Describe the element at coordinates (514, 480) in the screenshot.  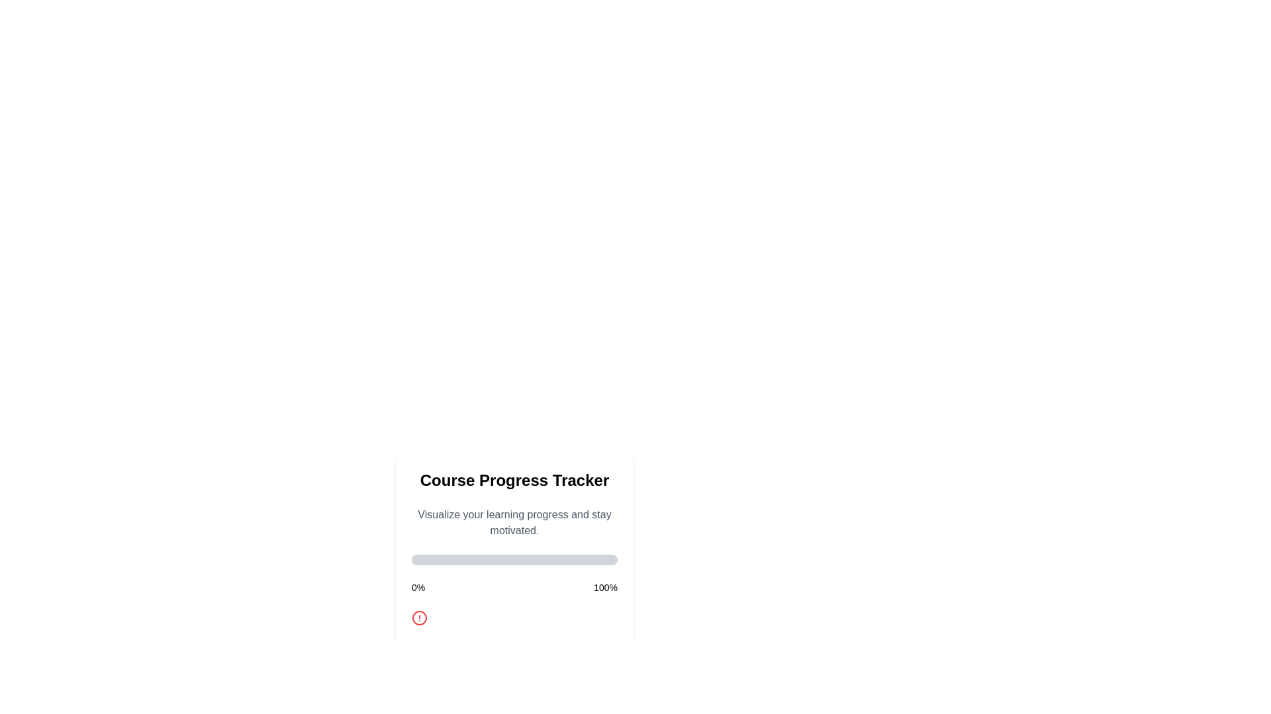
I see `the Text block that serves as the title for the 'Course Progress Tracker' interface, located at the top of the card` at that location.